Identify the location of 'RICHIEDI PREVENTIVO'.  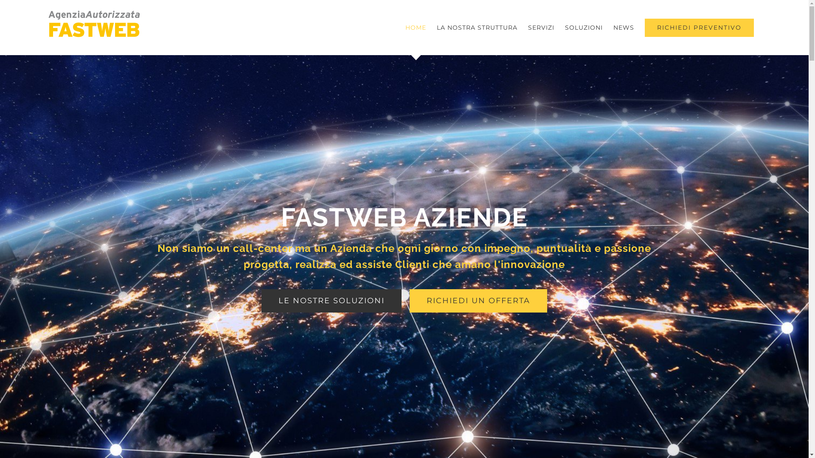
(699, 27).